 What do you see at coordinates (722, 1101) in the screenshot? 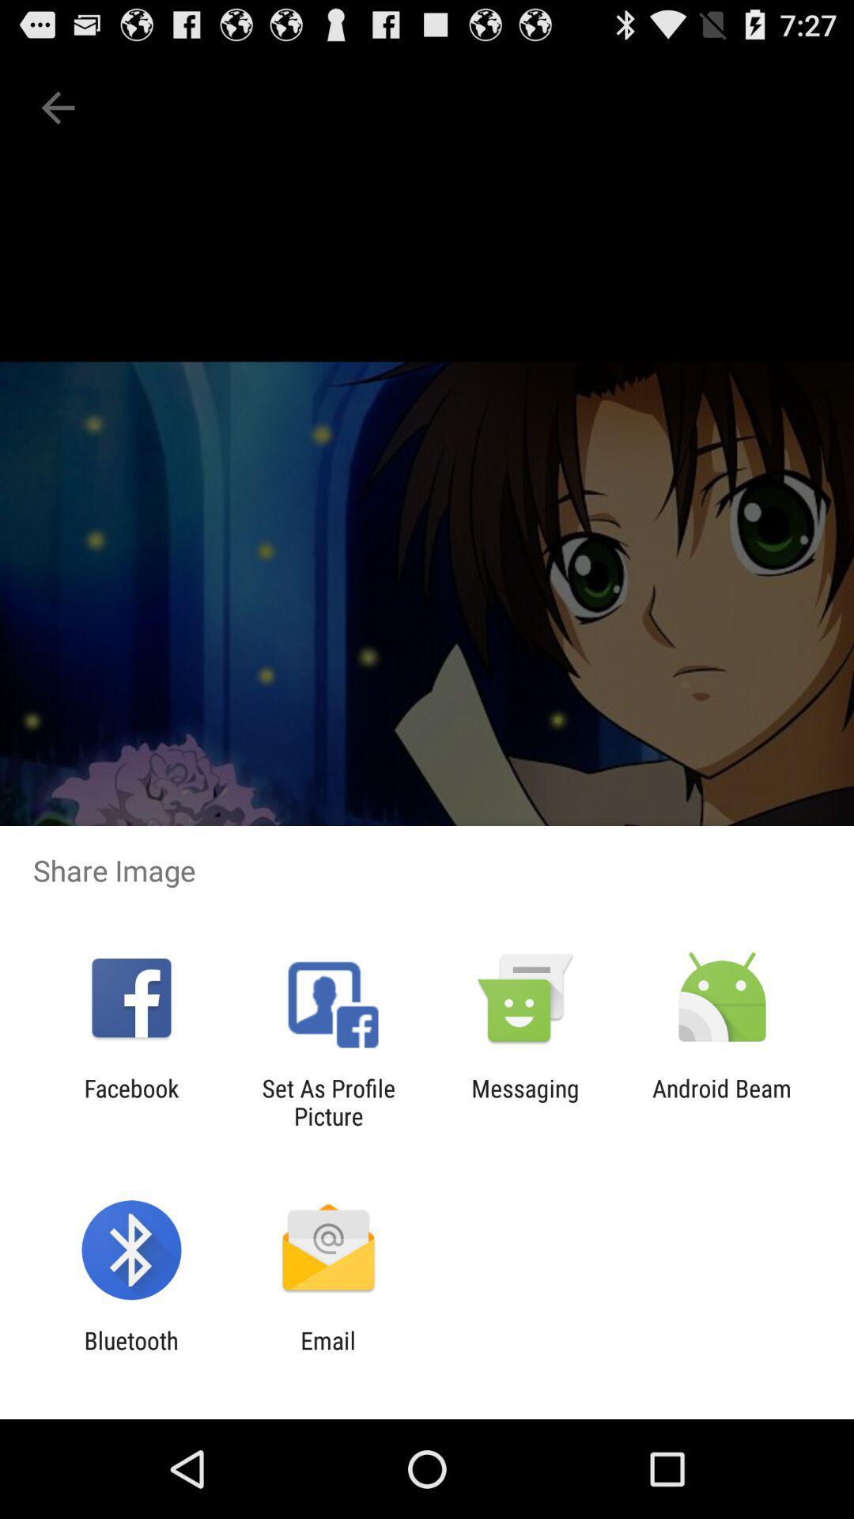
I see `the app at the bottom right corner` at bounding box center [722, 1101].